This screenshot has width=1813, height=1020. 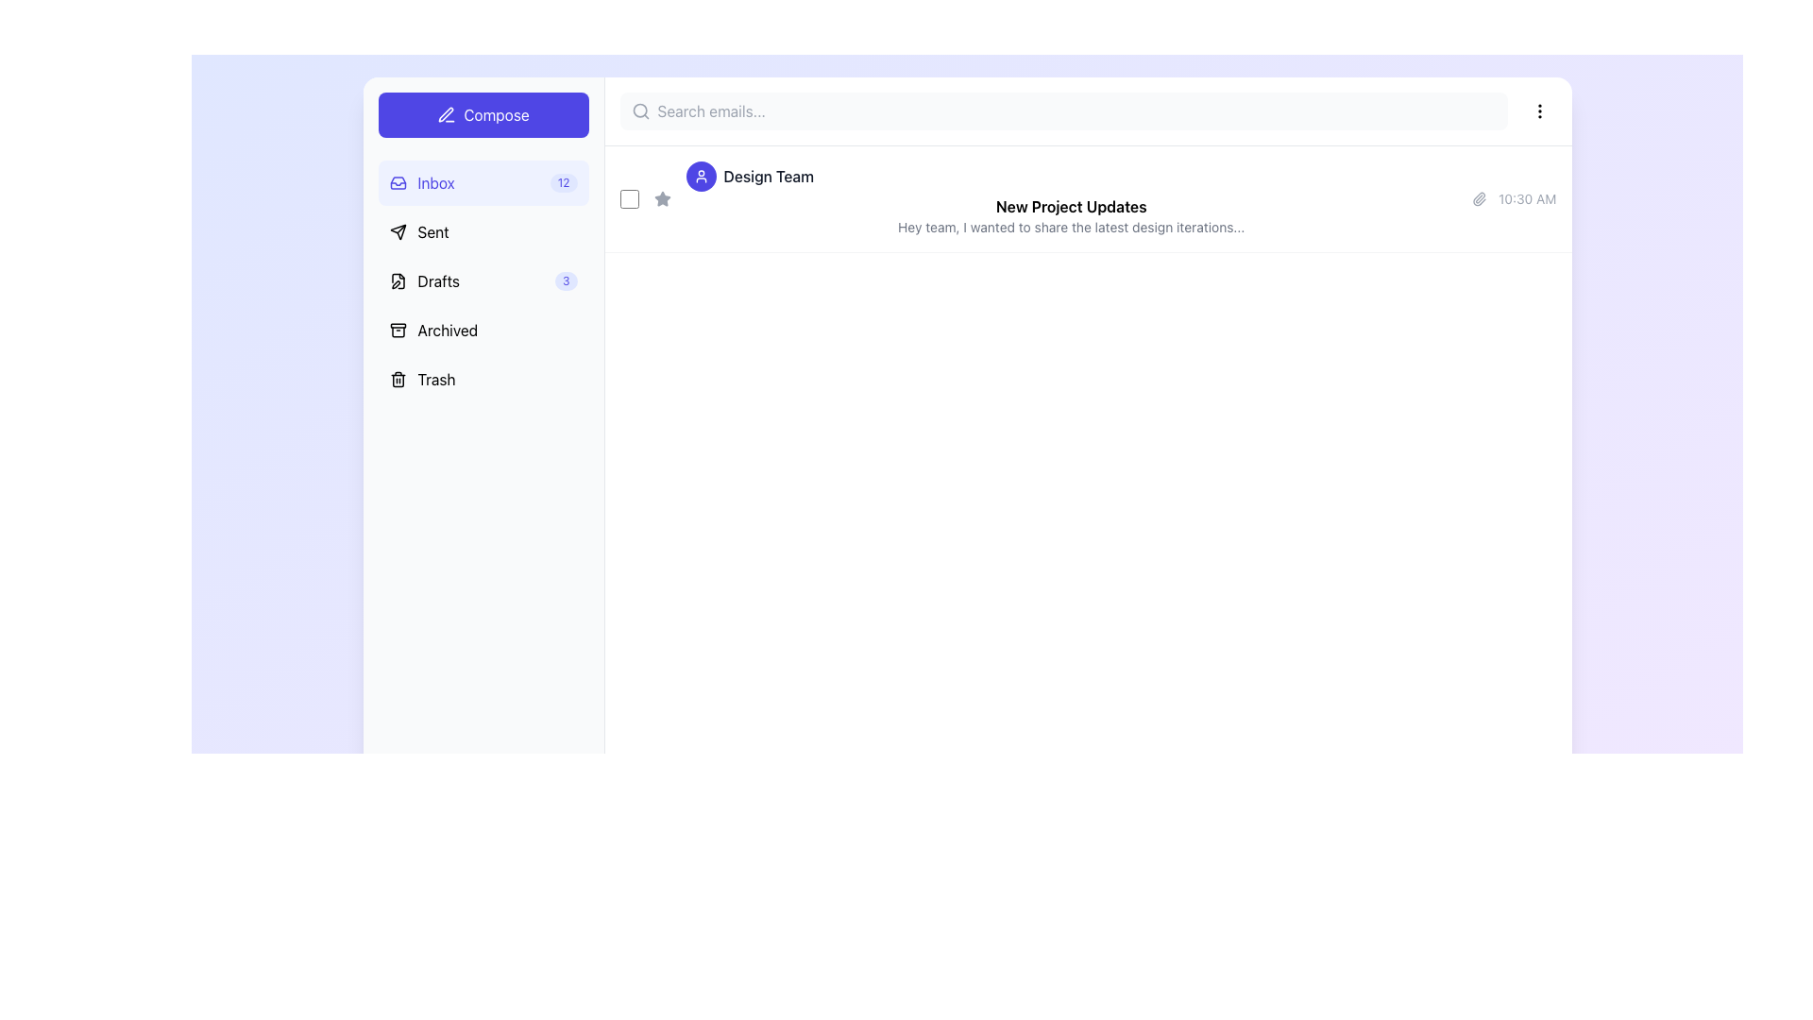 I want to click on the inner circle of the magnifying glass icon located at the left side of the search bar at the top of the interface, so click(x=639, y=110).